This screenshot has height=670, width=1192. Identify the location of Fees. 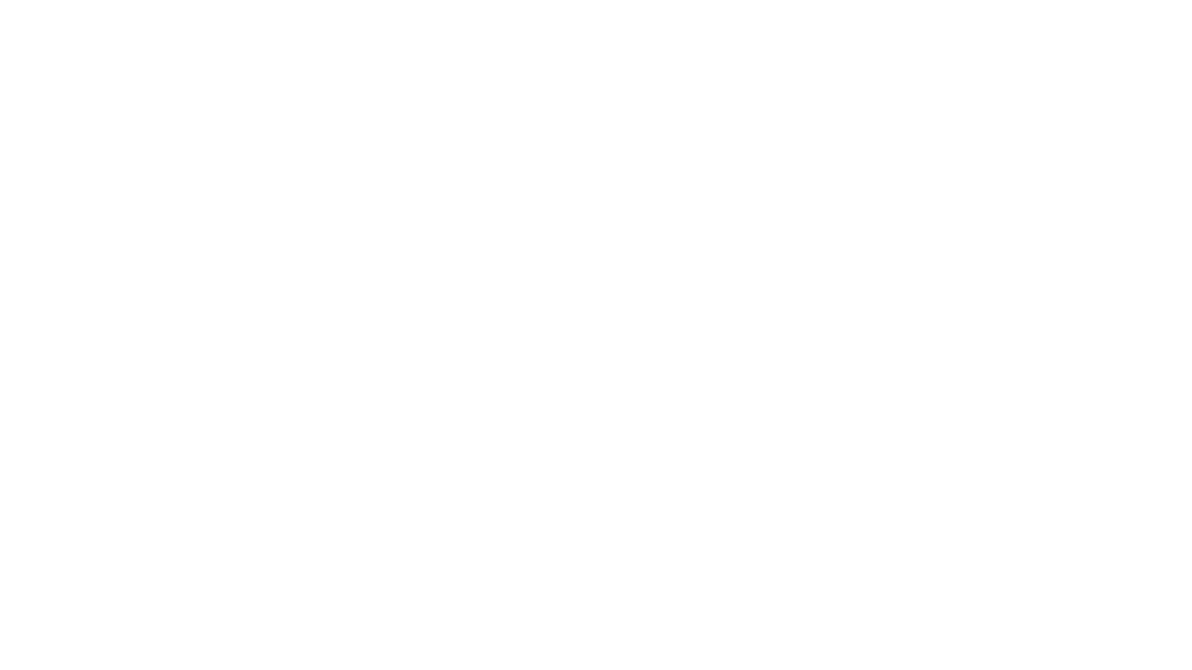
(614, 39).